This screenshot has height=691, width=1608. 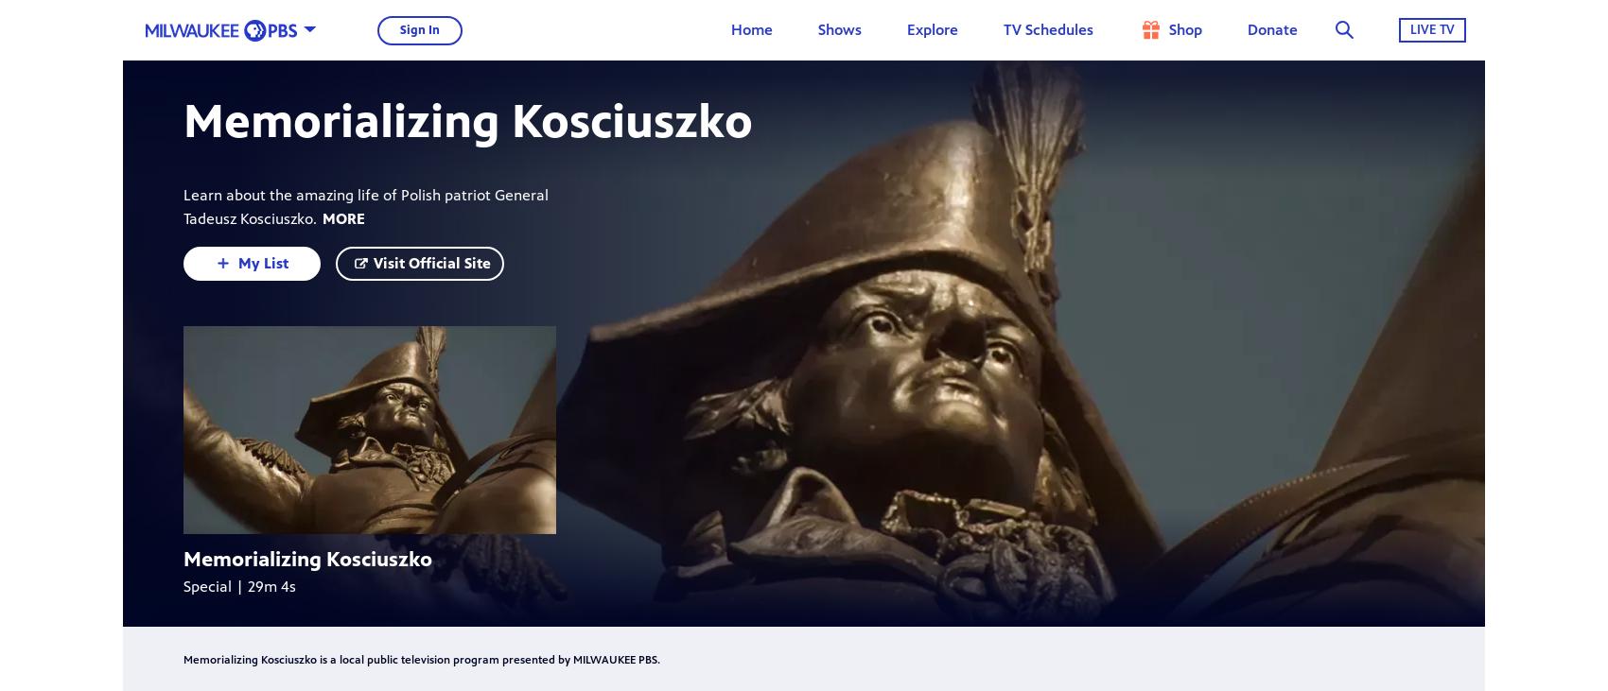 What do you see at coordinates (778, 114) in the screenshot?
I see `'WHAT’S ON TONIGHT'` at bounding box center [778, 114].